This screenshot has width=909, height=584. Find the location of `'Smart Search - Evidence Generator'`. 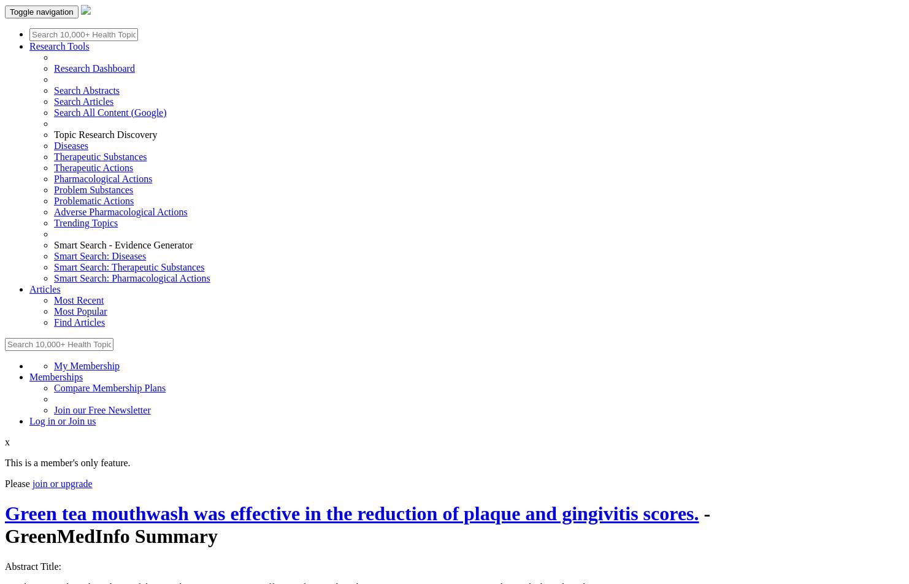

'Smart Search - Evidence Generator' is located at coordinates (123, 245).